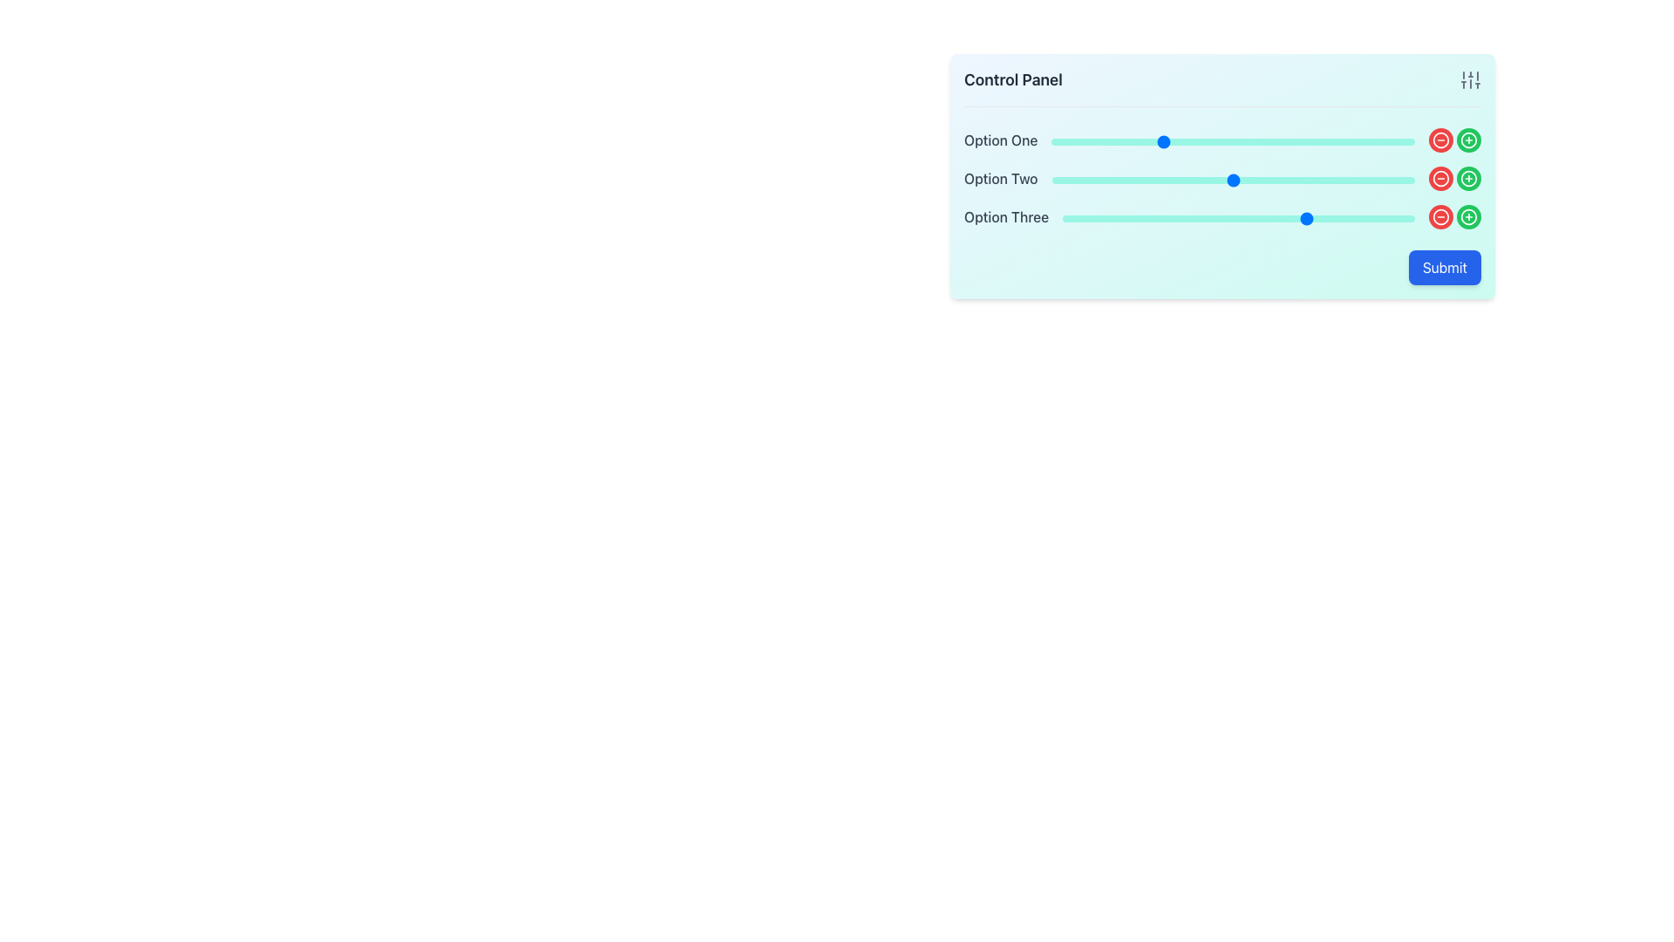  I want to click on the slider, so click(1349, 140).